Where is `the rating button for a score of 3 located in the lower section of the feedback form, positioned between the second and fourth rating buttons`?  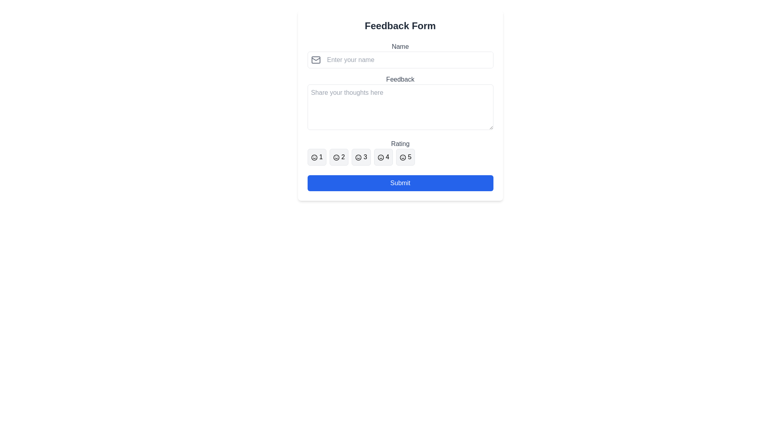 the rating button for a score of 3 located in the lower section of the feedback form, positioned between the second and fourth rating buttons is located at coordinates (360, 157).